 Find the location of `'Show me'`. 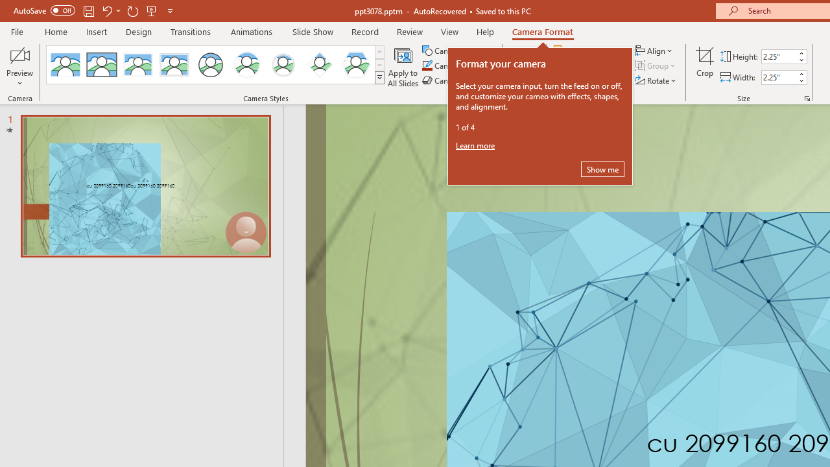

'Show me' is located at coordinates (602, 169).